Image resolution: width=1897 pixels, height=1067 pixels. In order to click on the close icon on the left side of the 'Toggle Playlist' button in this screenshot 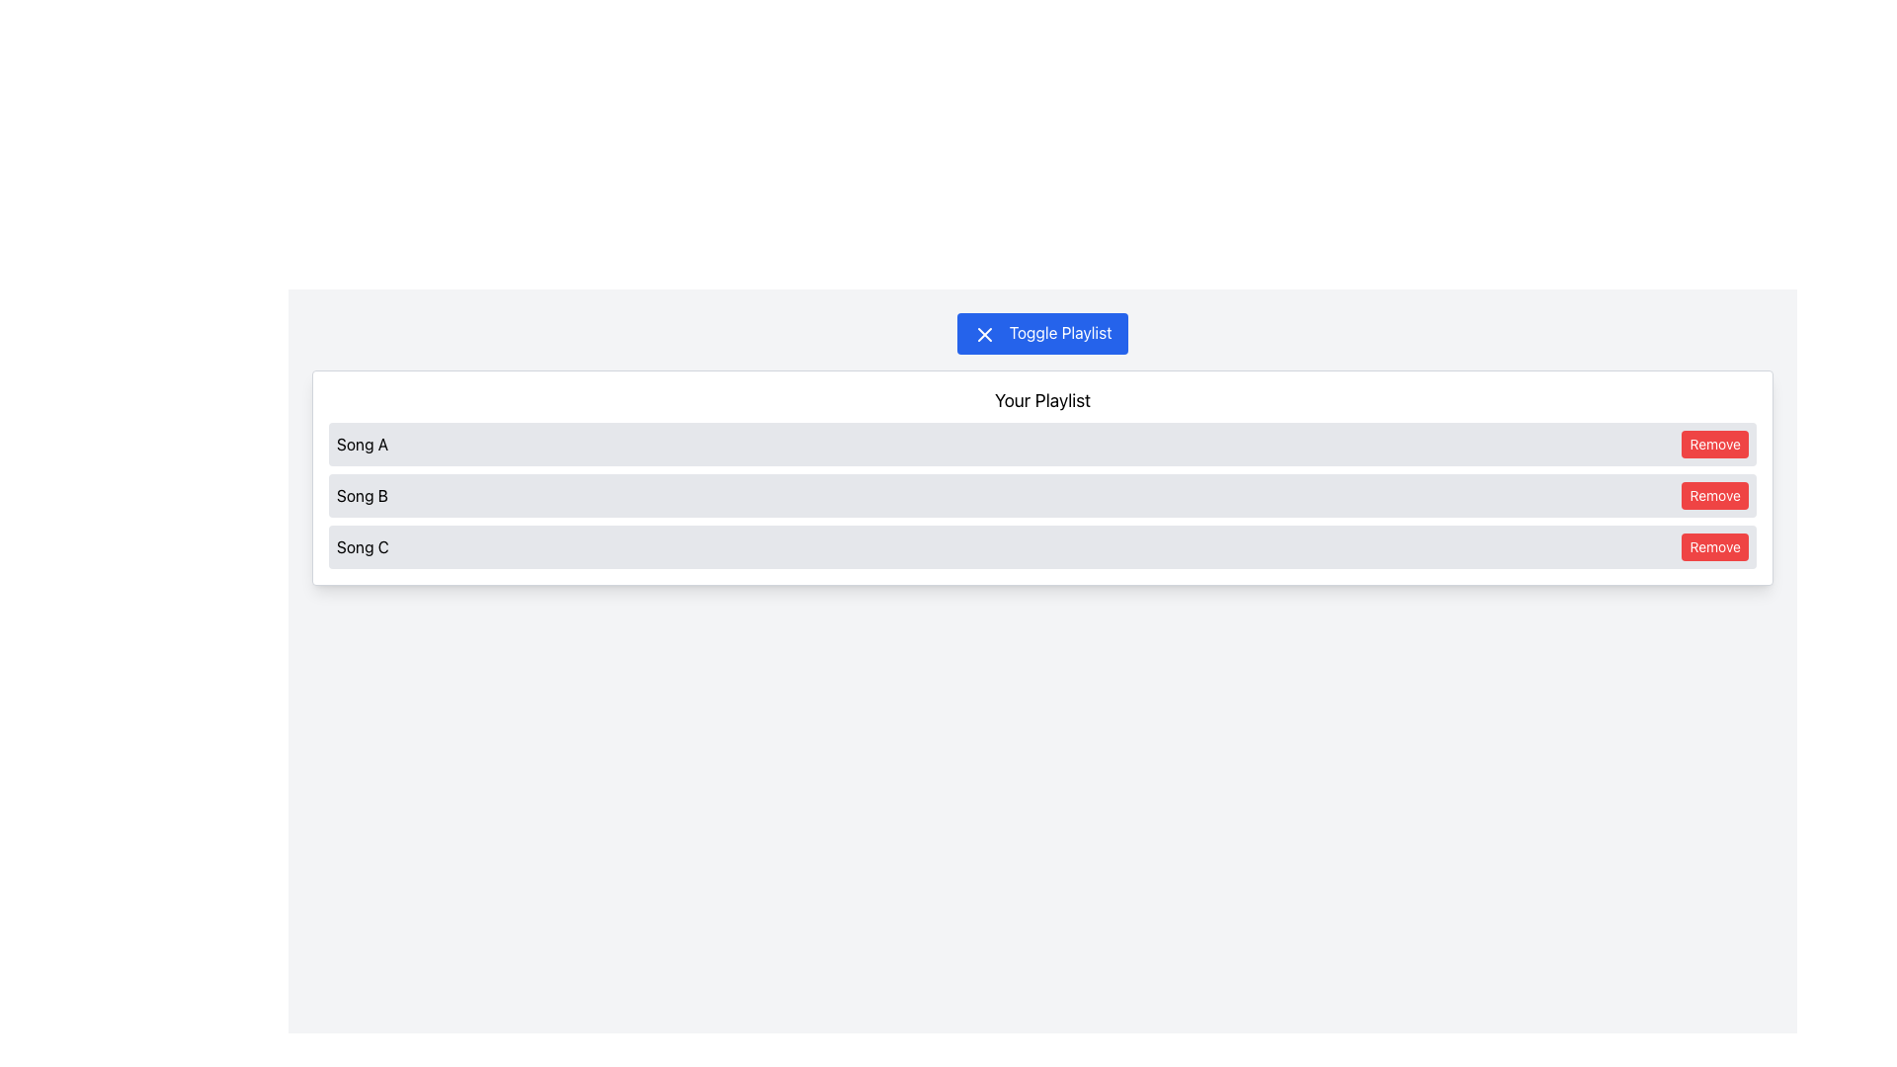, I will do `click(985, 333)`.